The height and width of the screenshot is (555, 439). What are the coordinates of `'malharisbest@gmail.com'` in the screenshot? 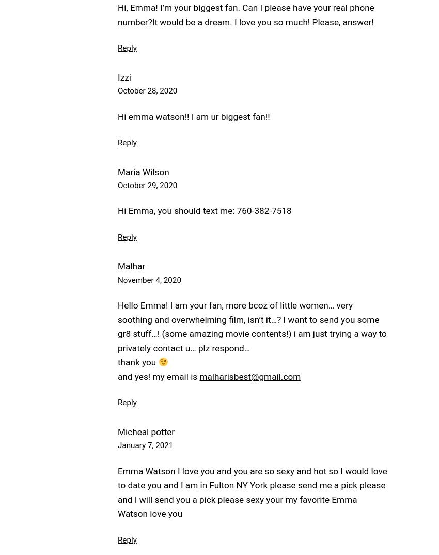 It's located at (249, 376).